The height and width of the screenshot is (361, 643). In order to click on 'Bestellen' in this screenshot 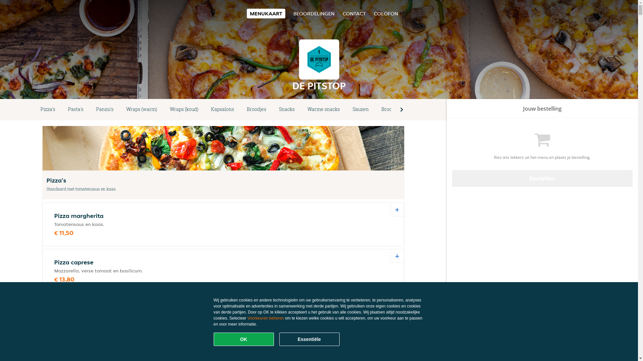, I will do `click(543, 178)`.